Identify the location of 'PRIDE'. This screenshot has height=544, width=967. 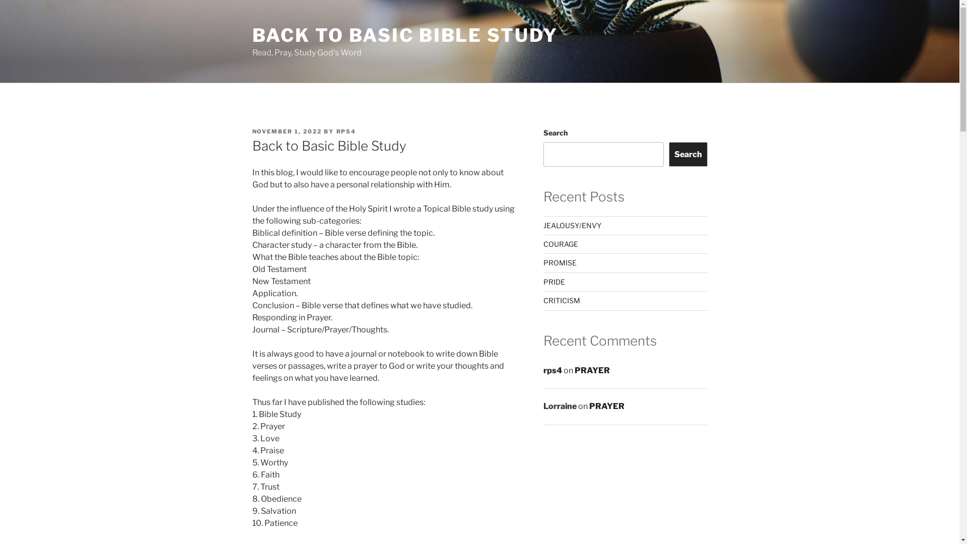
(554, 282).